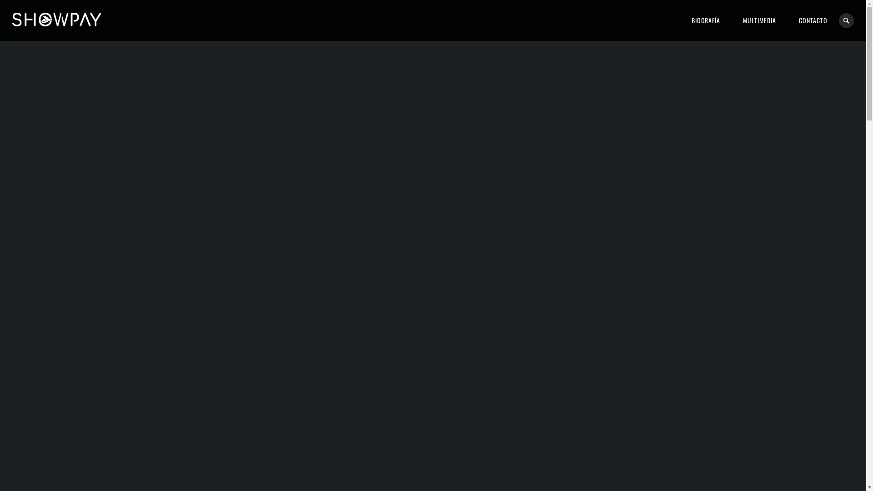 The height and width of the screenshot is (491, 873). I want to click on 'CONTACTO', so click(787, 20).